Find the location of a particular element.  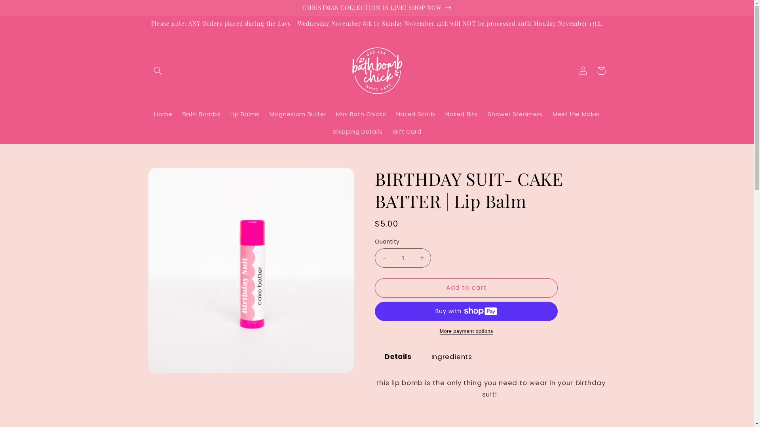

'Naked Scrub' is located at coordinates (415, 114).